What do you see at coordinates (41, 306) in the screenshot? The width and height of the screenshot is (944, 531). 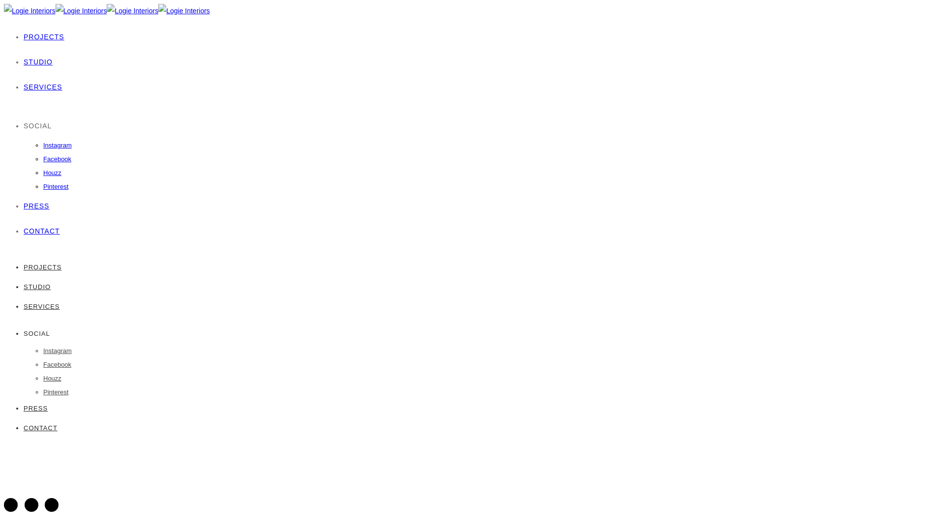 I see `'SERVICES'` at bounding box center [41, 306].